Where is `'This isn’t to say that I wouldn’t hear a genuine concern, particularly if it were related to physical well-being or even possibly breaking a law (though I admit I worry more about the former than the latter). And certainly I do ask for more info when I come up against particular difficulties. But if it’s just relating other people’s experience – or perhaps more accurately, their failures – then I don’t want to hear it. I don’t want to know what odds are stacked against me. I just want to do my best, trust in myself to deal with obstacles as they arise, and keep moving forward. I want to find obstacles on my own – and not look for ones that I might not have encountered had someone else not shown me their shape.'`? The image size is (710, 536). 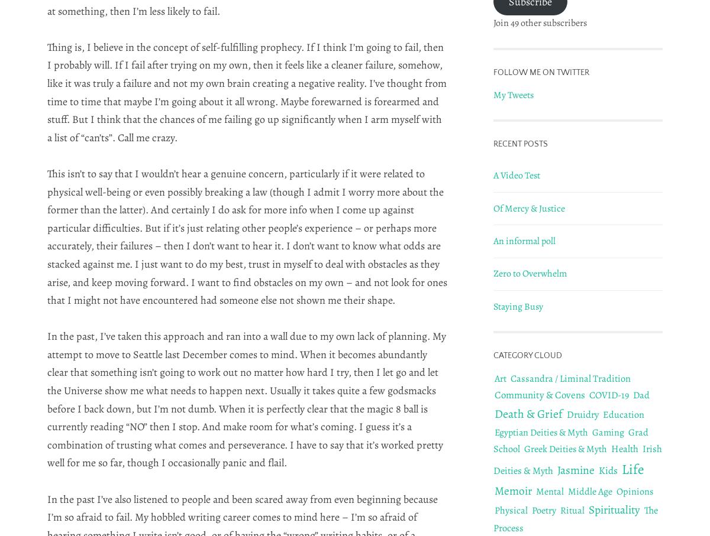
'This isn’t to say that I wouldn’t hear a genuine concern, particularly if it were related to physical well-being or even possibly breaking a law (though I admit I worry more about the former than the latter). And certainly I do ask for more info when I come up against particular difficulties. But if it’s just relating other people’s experience – or perhaps more accurately, their failures – then I don’t want to hear it. I don’t want to know what odds are stacked against me. I just want to do my best, trust in myself to deal with obstacles as they arise, and keep moving forward. I want to find obstacles on my own – and not look for ones that I might not have encountered had someone else not shown me their shape.' is located at coordinates (247, 236).